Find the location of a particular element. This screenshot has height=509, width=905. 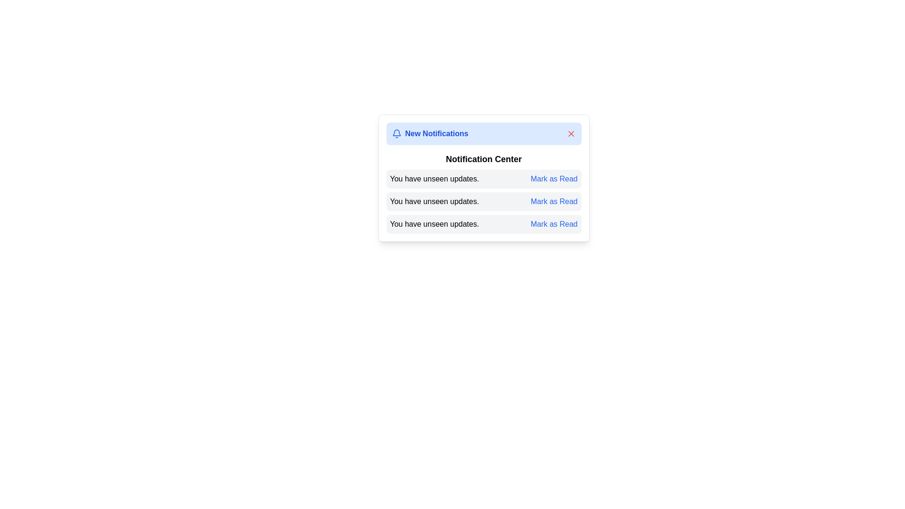

the 'Mark as Read' button for notification 2 is located at coordinates (554, 201).